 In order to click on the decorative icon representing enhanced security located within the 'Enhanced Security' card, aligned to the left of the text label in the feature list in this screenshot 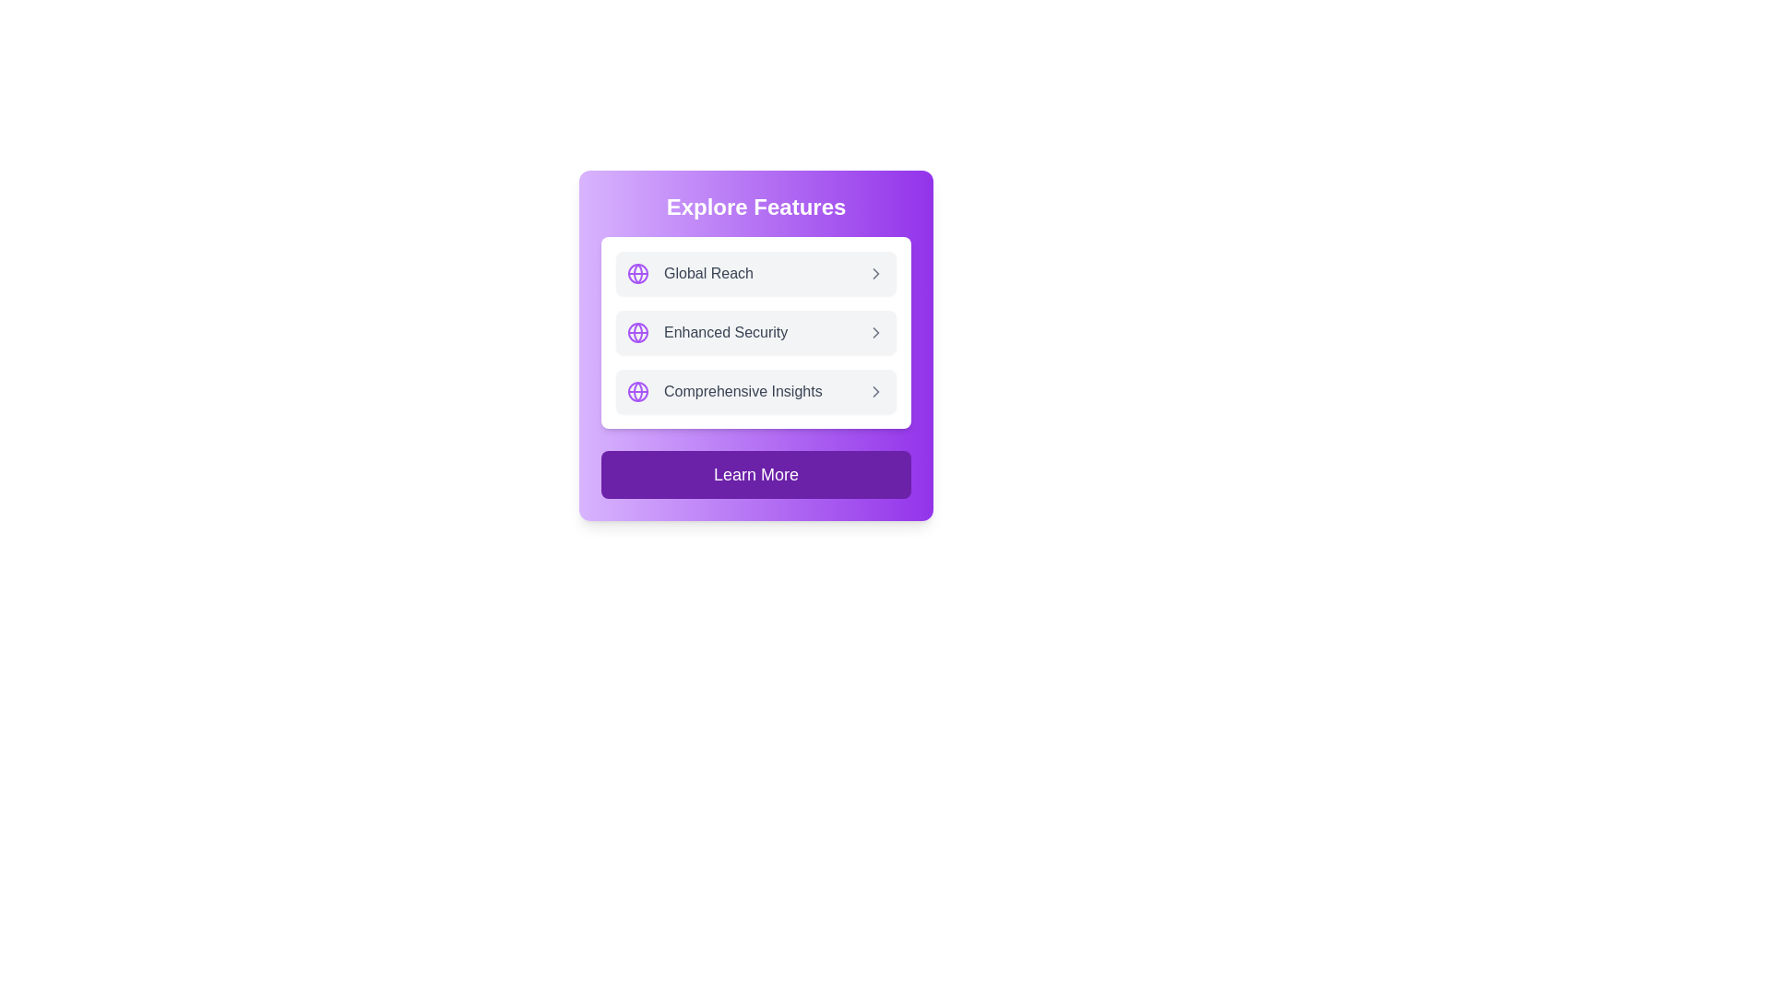, I will do `click(637, 333)`.